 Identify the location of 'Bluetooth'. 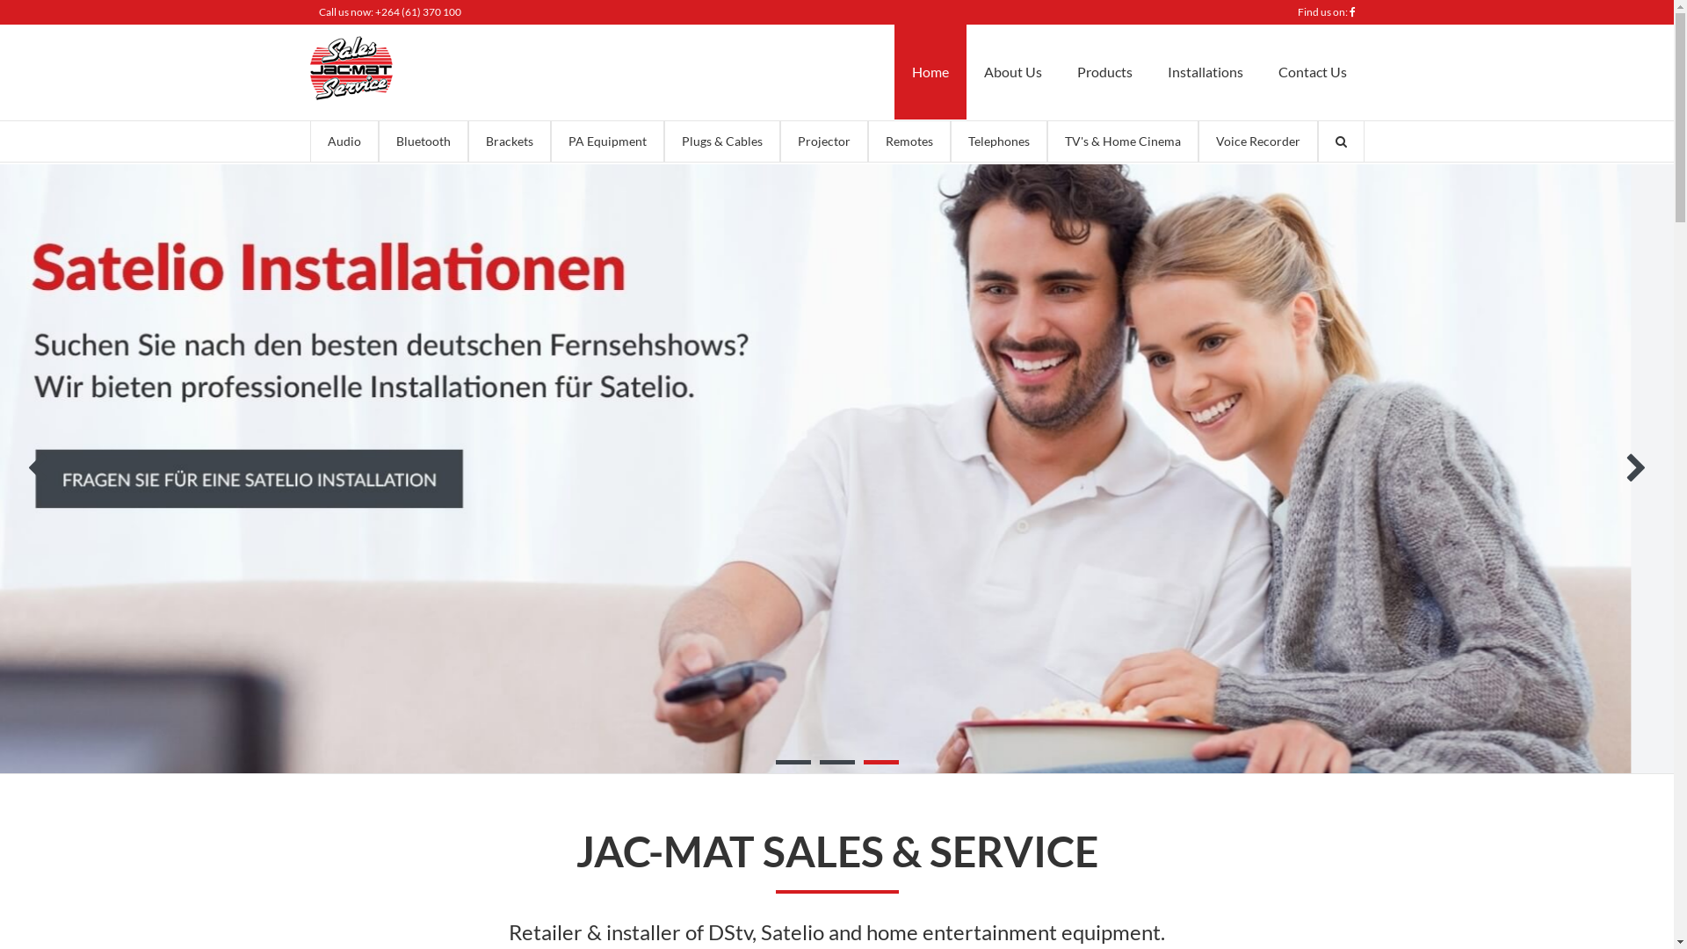
(422, 141).